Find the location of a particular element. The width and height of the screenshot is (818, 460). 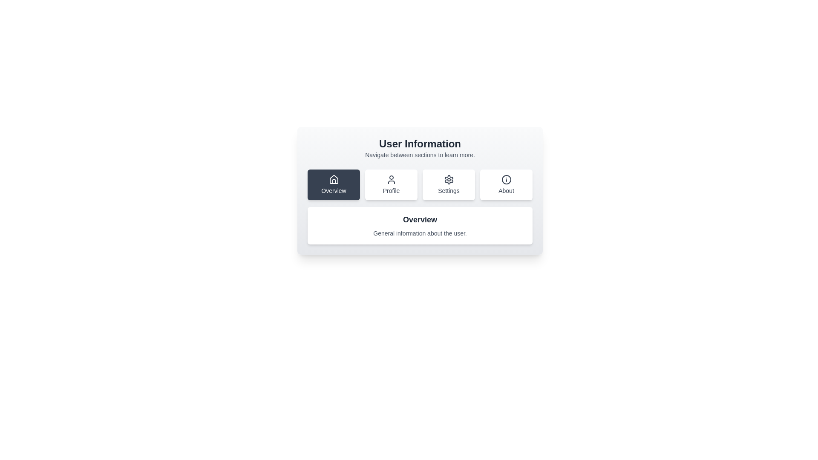

the Overview button, which is the leftmost button in a horizontal row of options is located at coordinates (333, 179).